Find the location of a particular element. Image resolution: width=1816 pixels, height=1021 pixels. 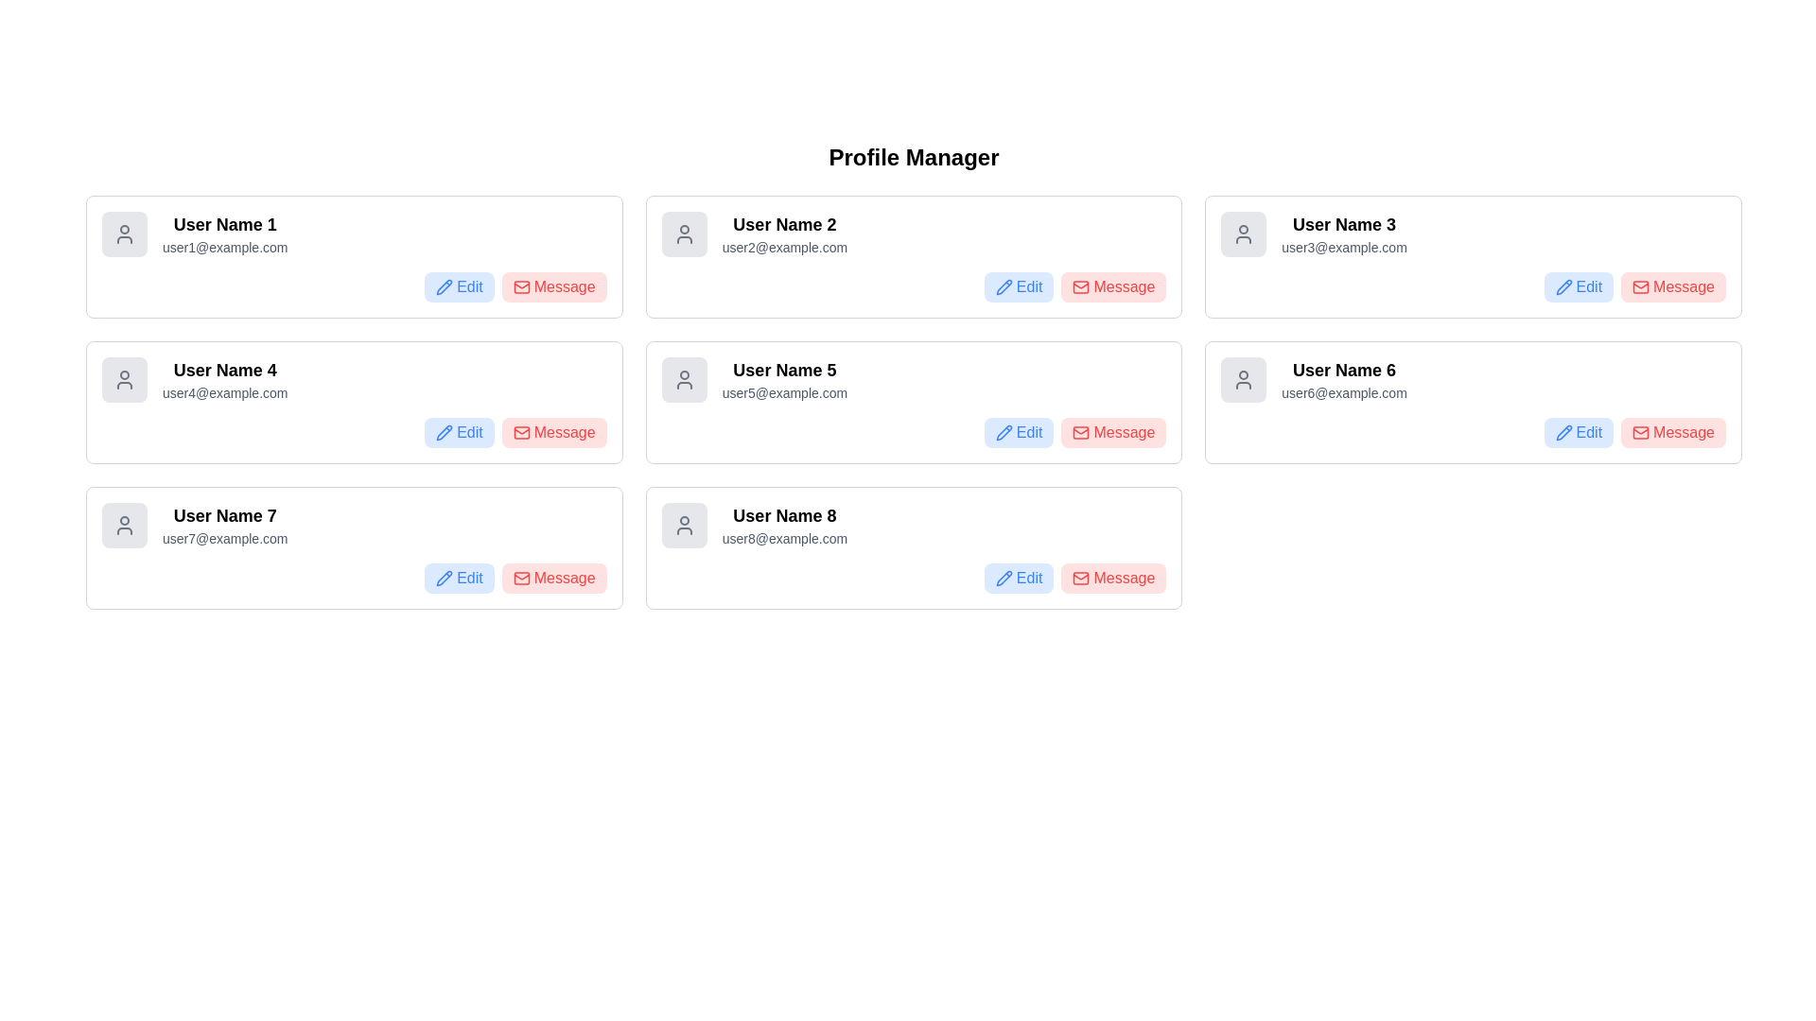

the 'Message' button text label indicating the purpose of the button within the third user card ('User Name 5') is located at coordinates (1124, 433).